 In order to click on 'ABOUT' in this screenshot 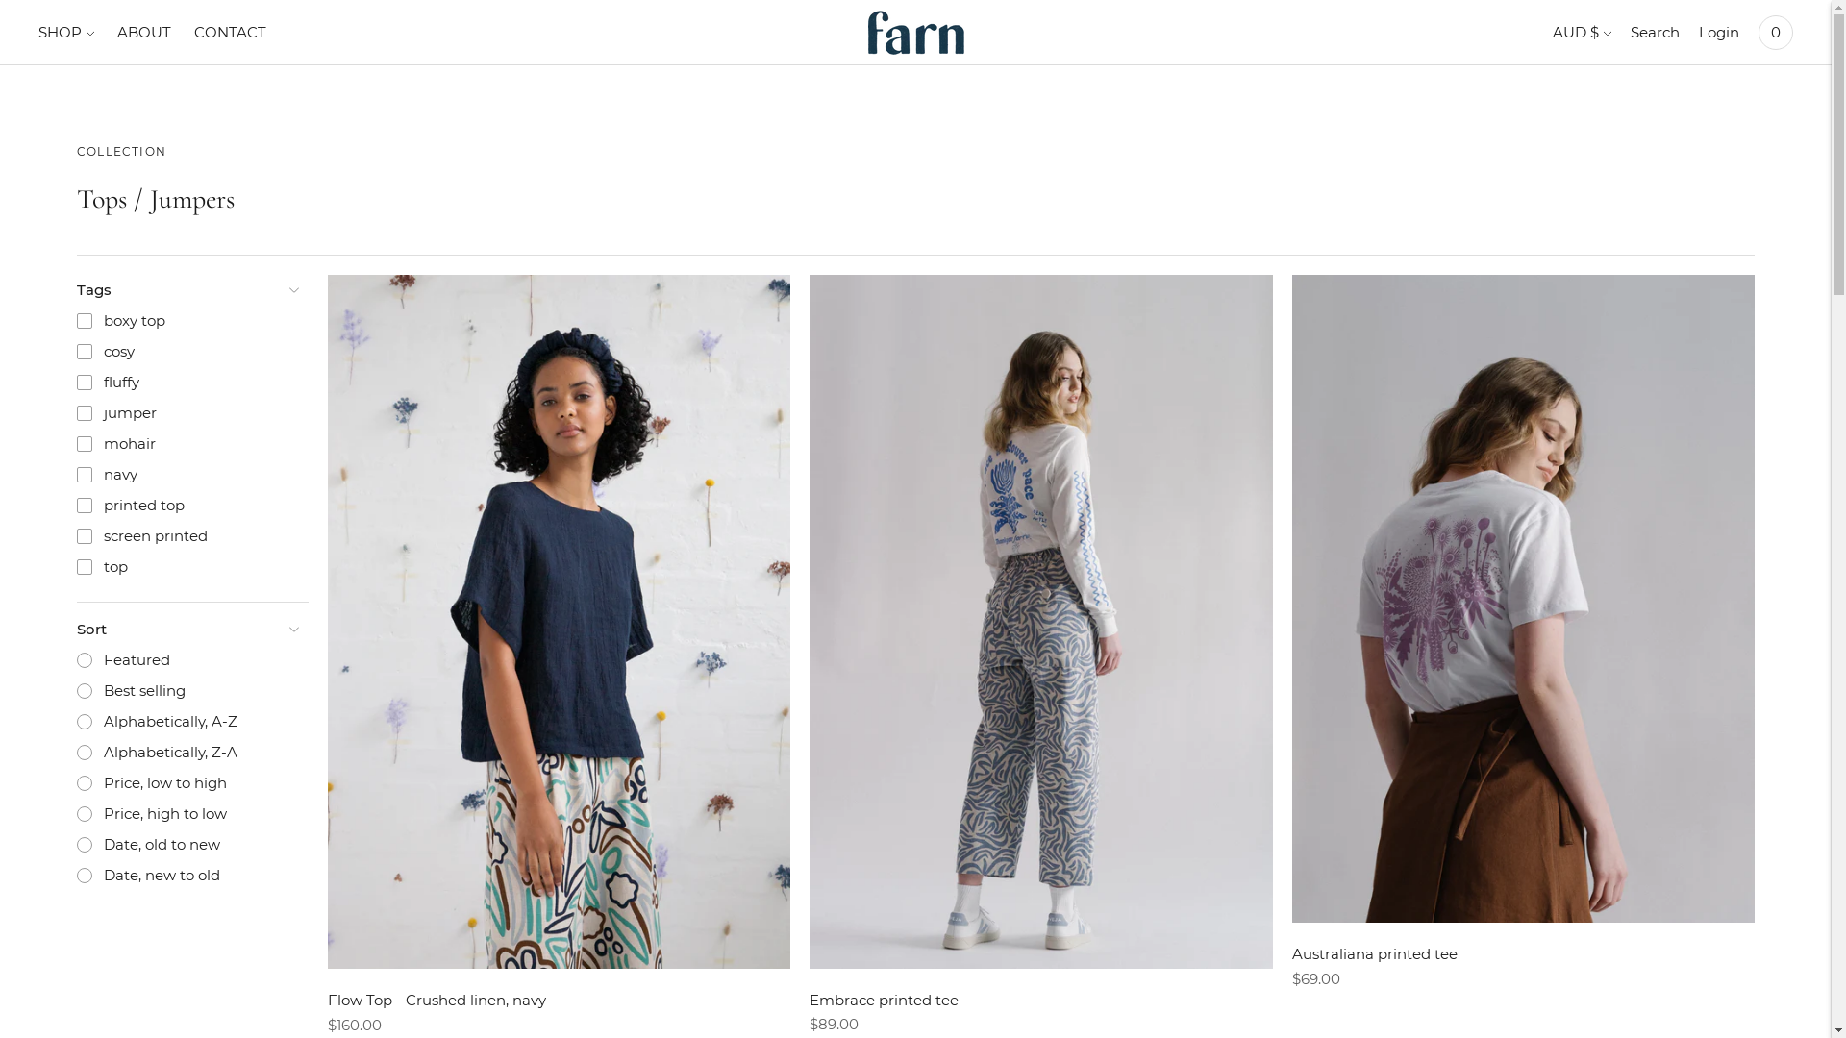, I will do `click(115, 33)`.